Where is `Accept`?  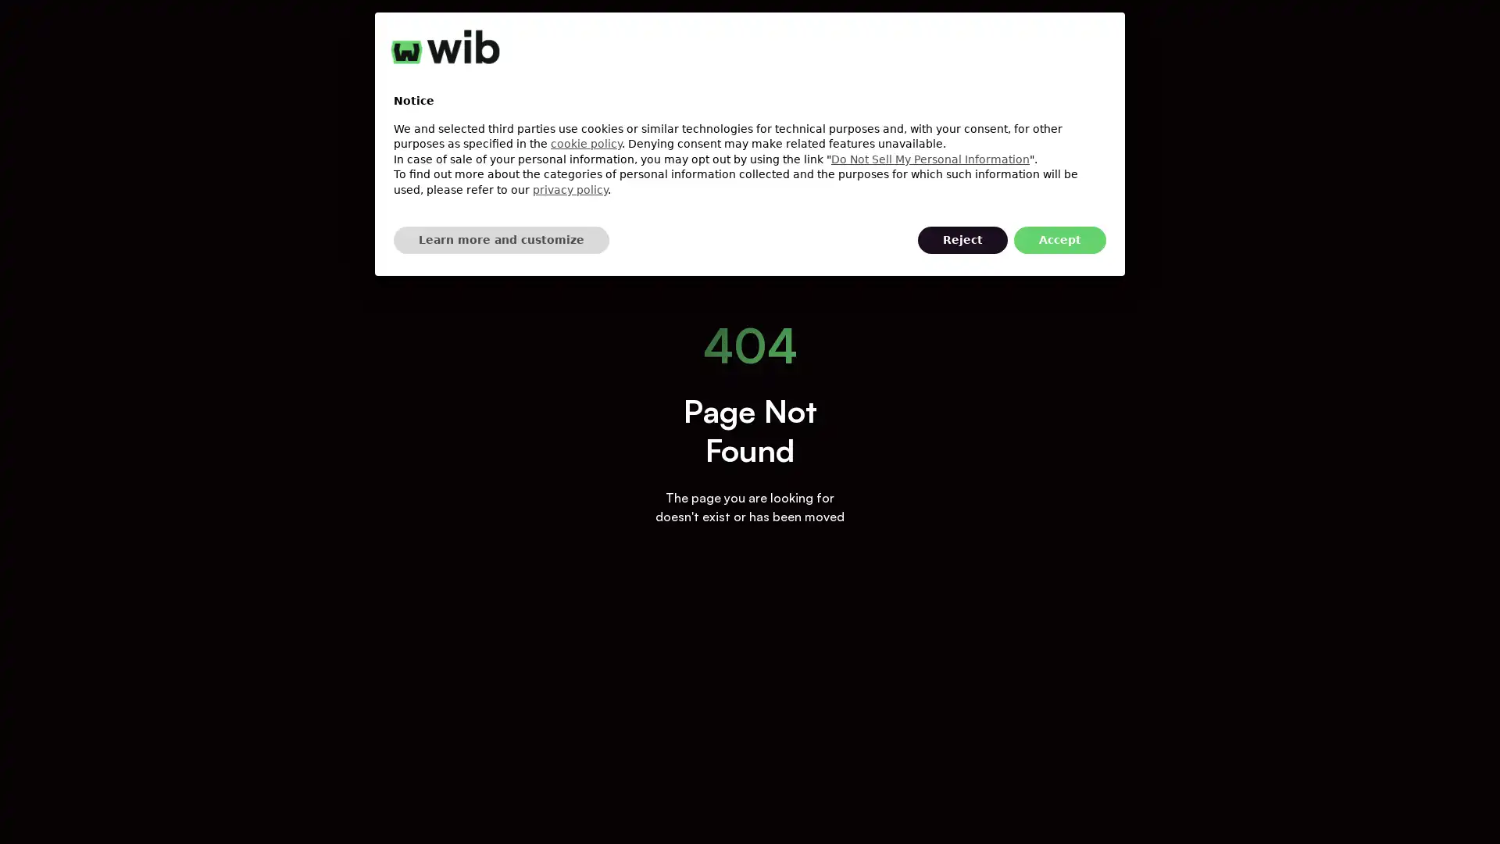
Accept is located at coordinates (1060, 240).